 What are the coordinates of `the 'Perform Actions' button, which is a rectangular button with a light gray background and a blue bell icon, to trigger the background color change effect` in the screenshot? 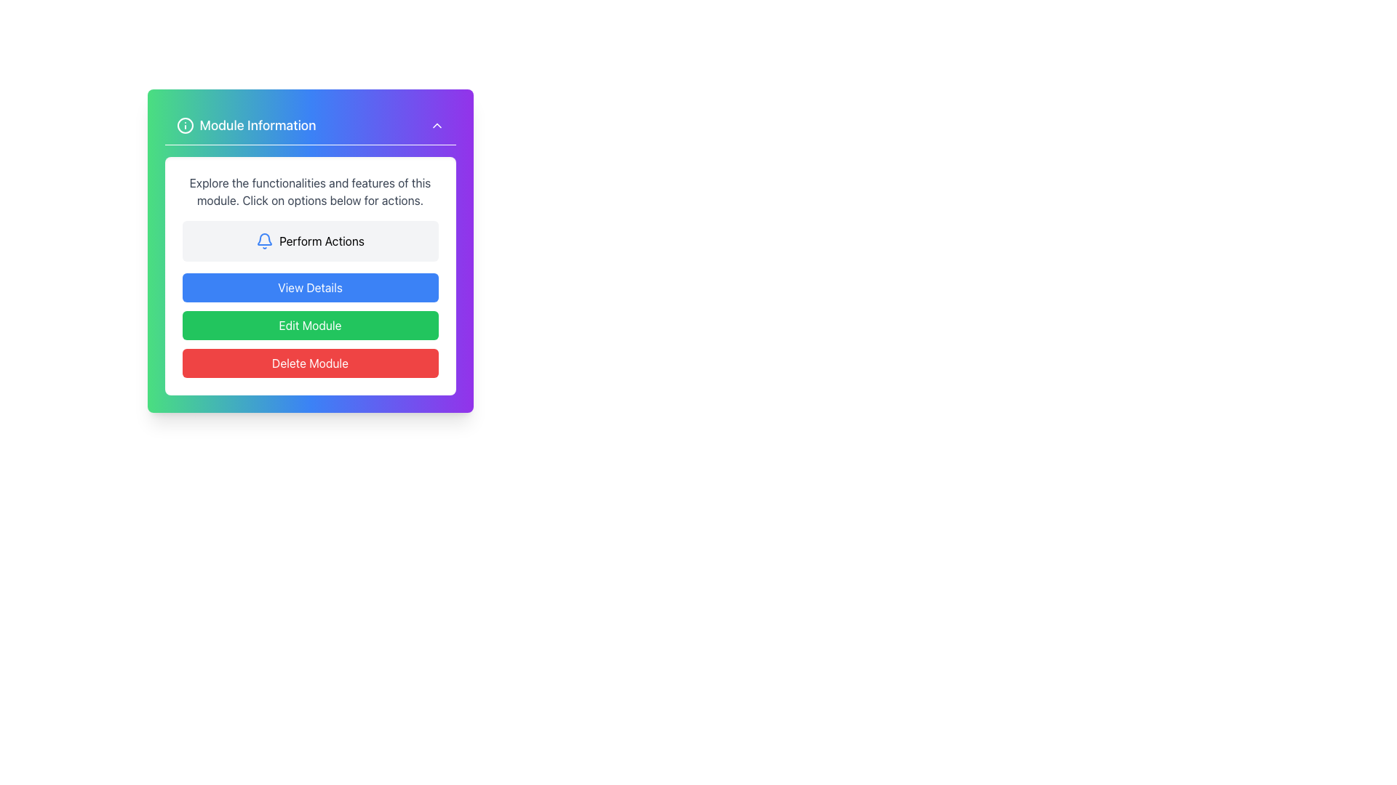 It's located at (309, 240).